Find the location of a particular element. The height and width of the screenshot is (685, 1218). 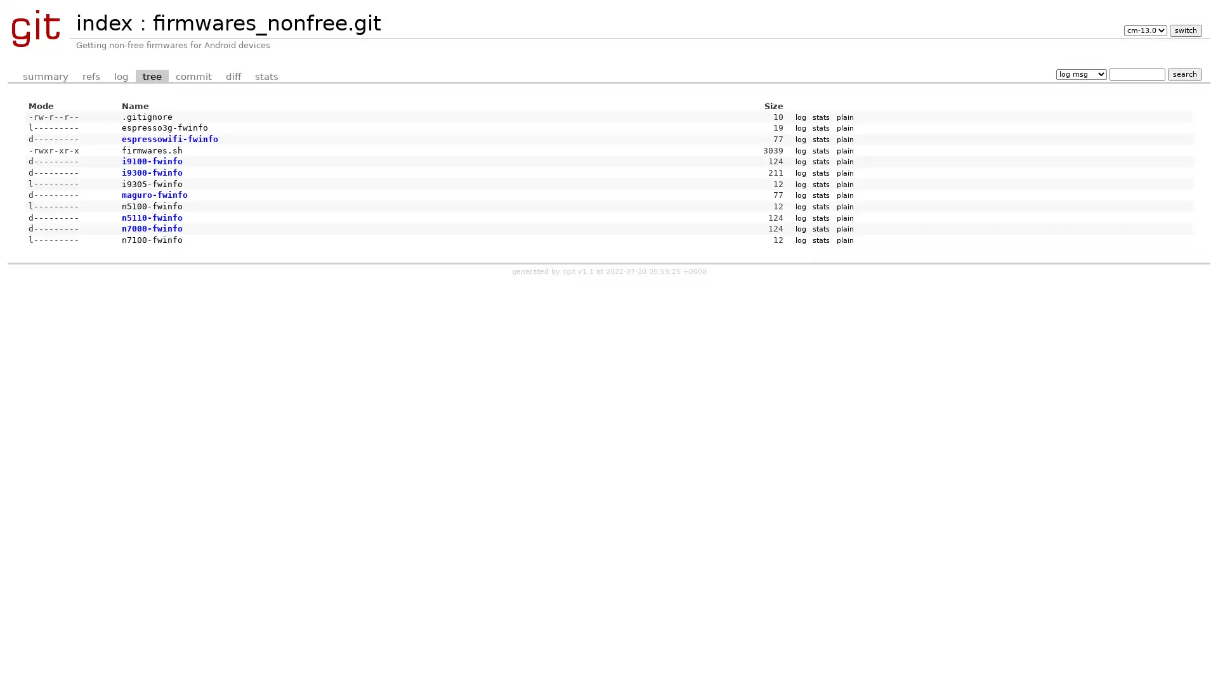

switch is located at coordinates (1184, 30).